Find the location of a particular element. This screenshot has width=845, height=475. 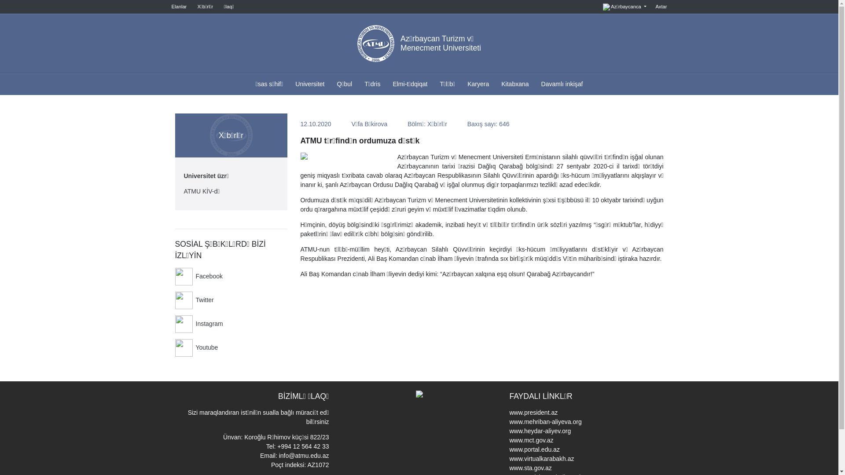

'www.heydar-aliyev.org' is located at coordinates (540, 430).